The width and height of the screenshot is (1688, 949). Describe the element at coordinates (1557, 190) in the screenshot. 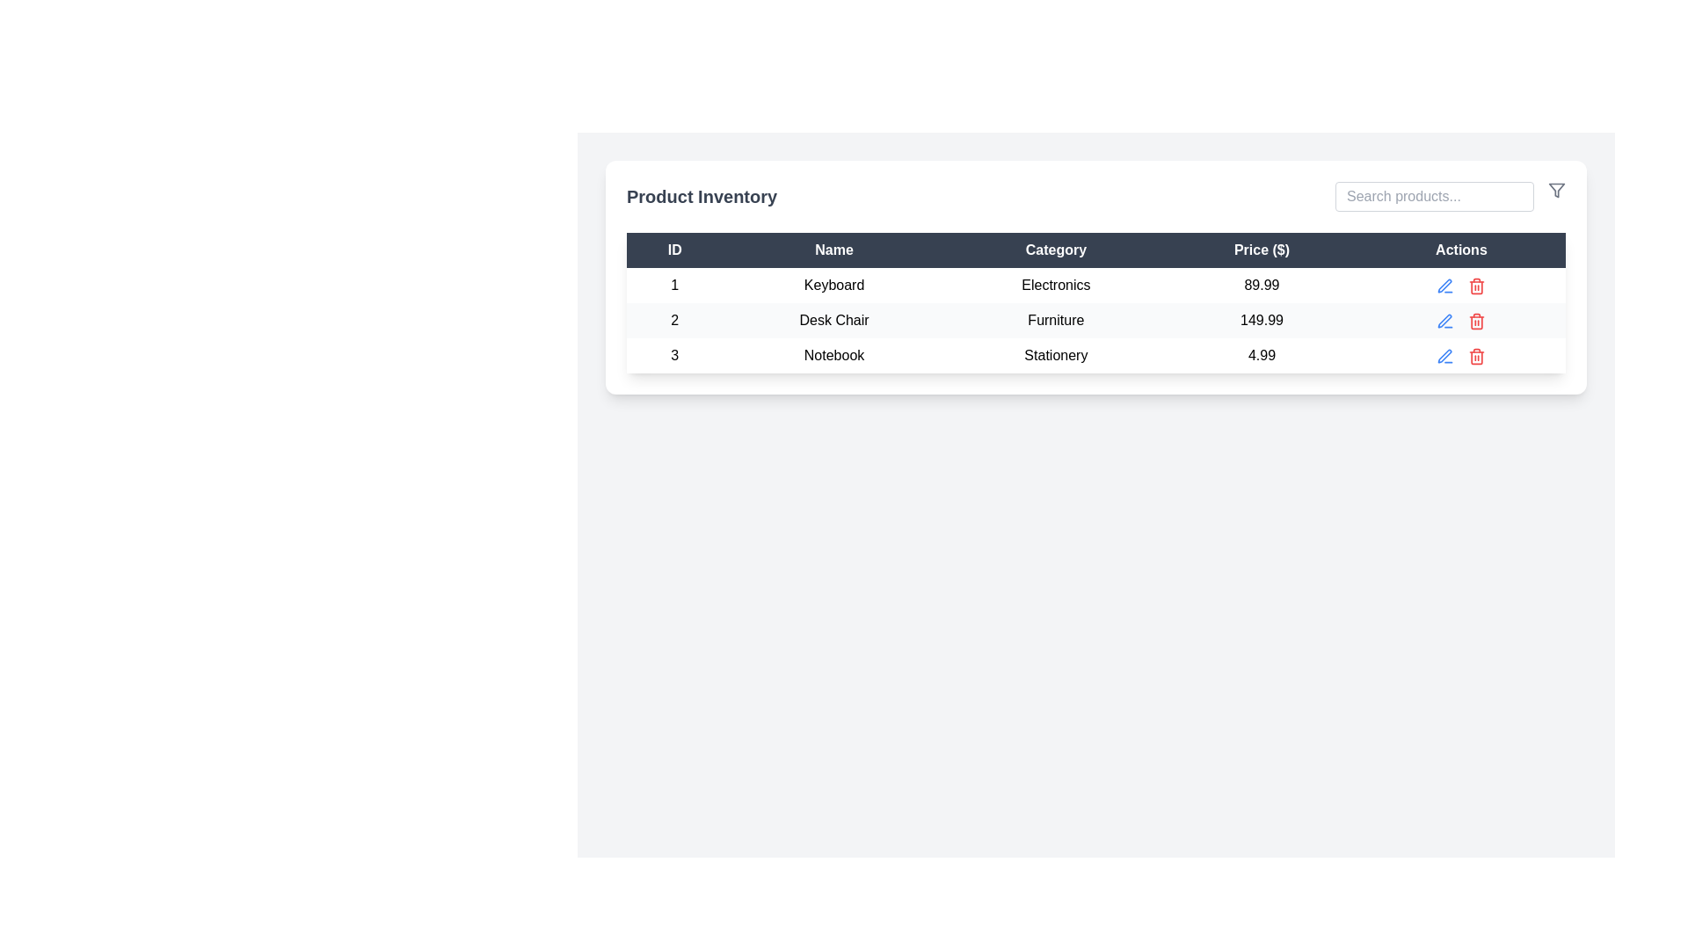

I see `the filter icon, which is a funnel-shaped SVG graphic located in the Actions area of the UI header, near the right boundary of the search bar` at that location.